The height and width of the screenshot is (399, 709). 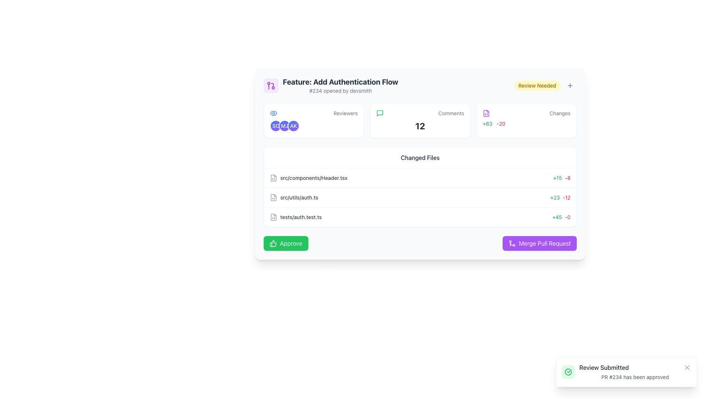 What do you see at coordinates (451, 113) in the screenshot?
I see `the text label displaying 'Comments', which is styled in gray and located to the right of a green speech bubble icon in the header area` at bounding box center [451, 113].